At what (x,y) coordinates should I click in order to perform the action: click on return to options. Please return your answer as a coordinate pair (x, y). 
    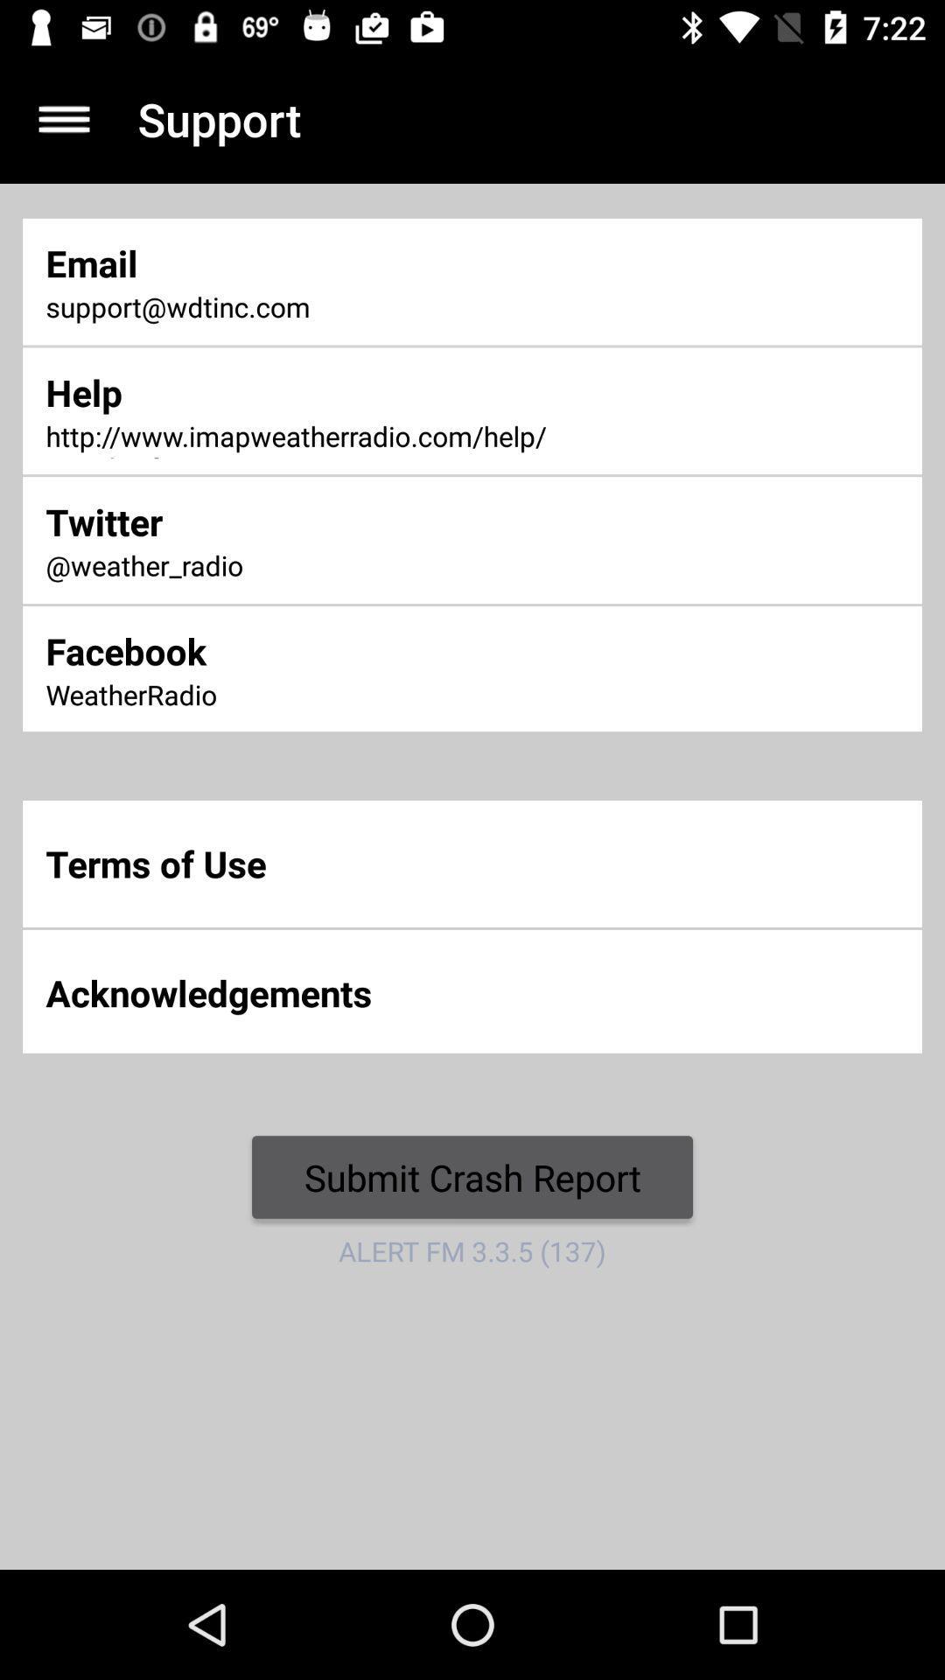
    Looking at the image, I should click on (63, 118).